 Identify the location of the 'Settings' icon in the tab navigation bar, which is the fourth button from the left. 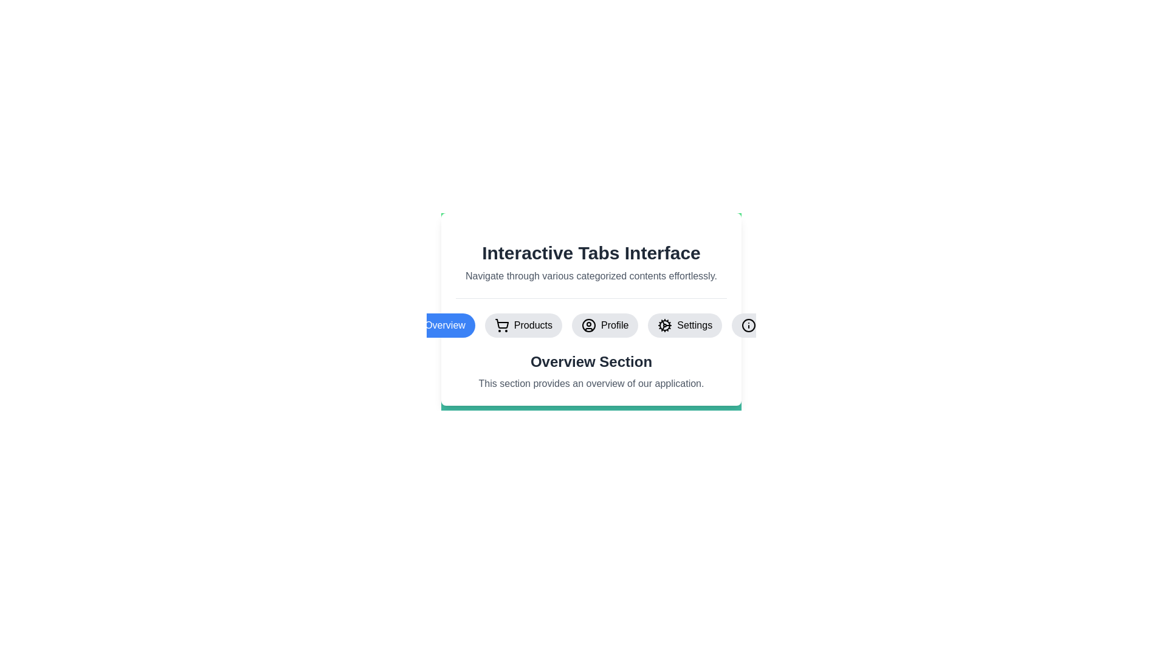
(664, 325).